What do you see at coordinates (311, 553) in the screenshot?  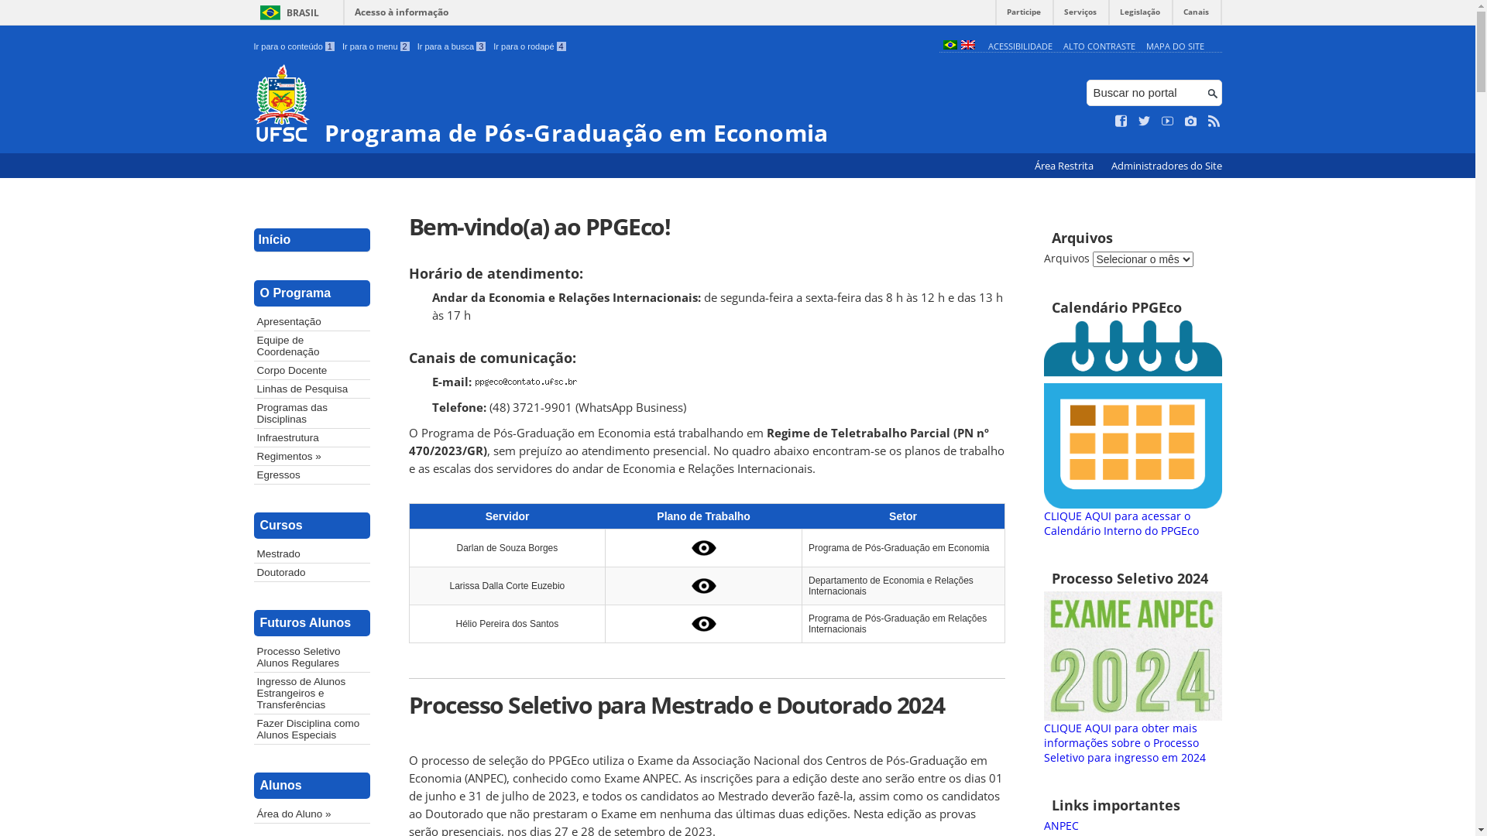 I see `'Mestrado'` at bounding box center [311, 553].